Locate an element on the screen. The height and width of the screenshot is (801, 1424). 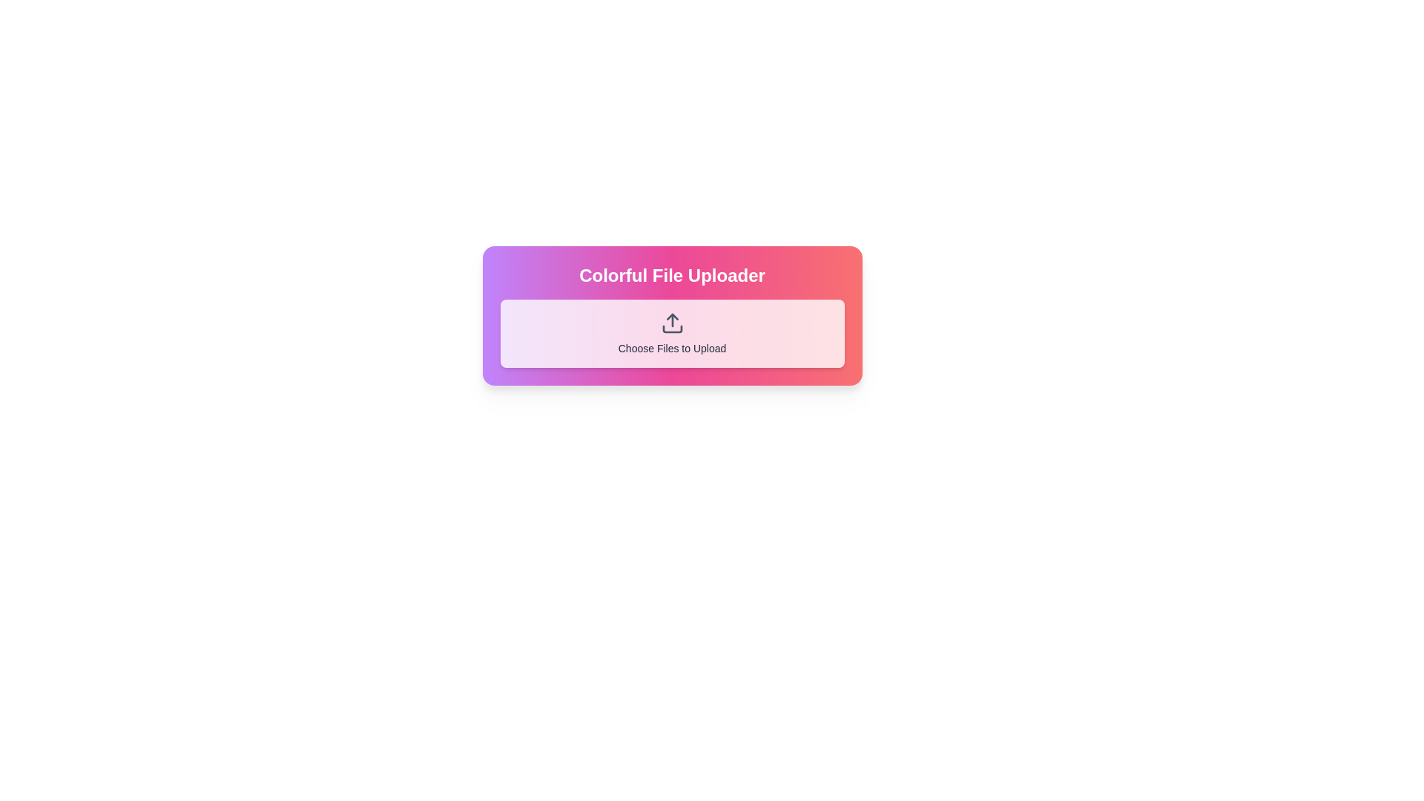
the file upload area of the 'Colorful File Uploader' component to upload files is located at coordinates (671, 314).